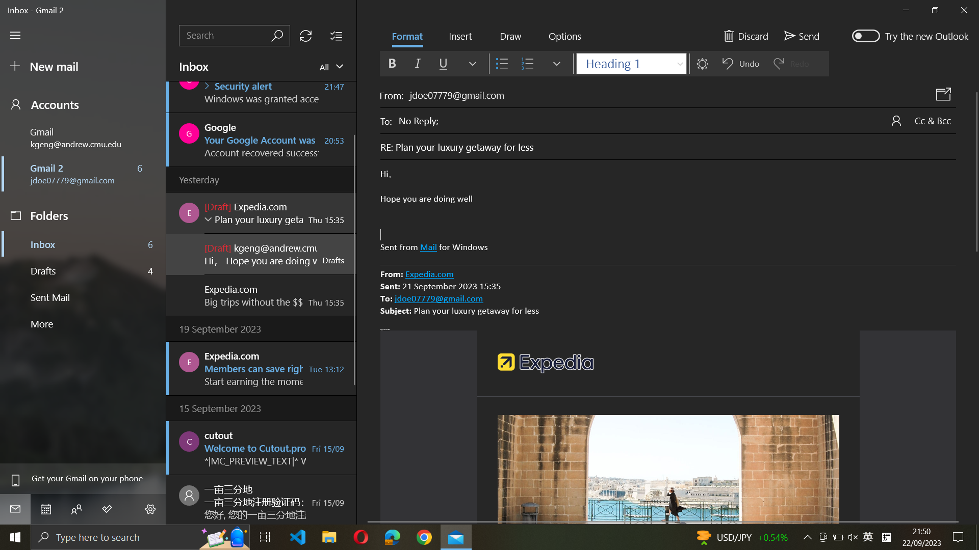 Image resolution: width=979 pixels, height=550 pixels. Describe the element at coordinates (668, 211) in the screenshot. I see `Highlight the entire text in the email content and make it underlined` at that location.